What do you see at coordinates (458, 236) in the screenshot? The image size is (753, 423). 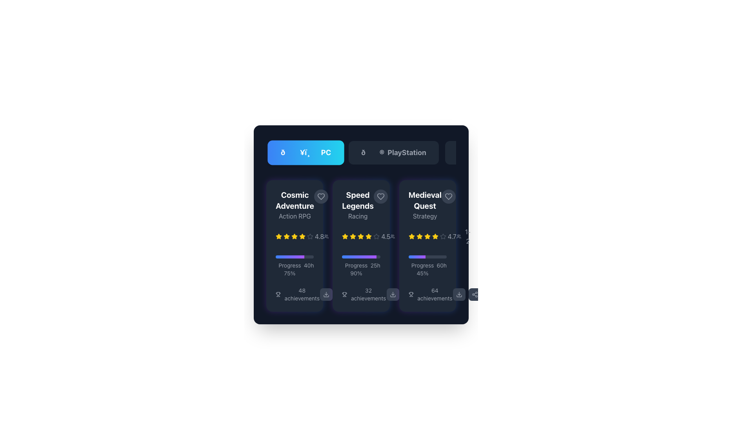 I see `the user group icon located near the text '1-2' in the bottom-right part of the interface` at bounding box center [458, 236].